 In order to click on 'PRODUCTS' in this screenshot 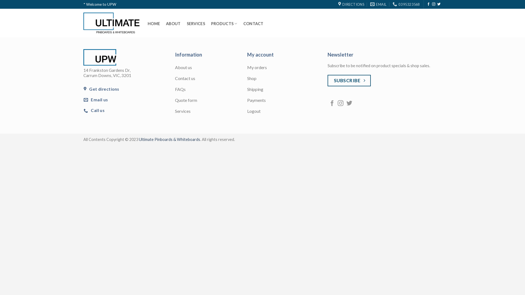, I will do `click(211, 23)`.